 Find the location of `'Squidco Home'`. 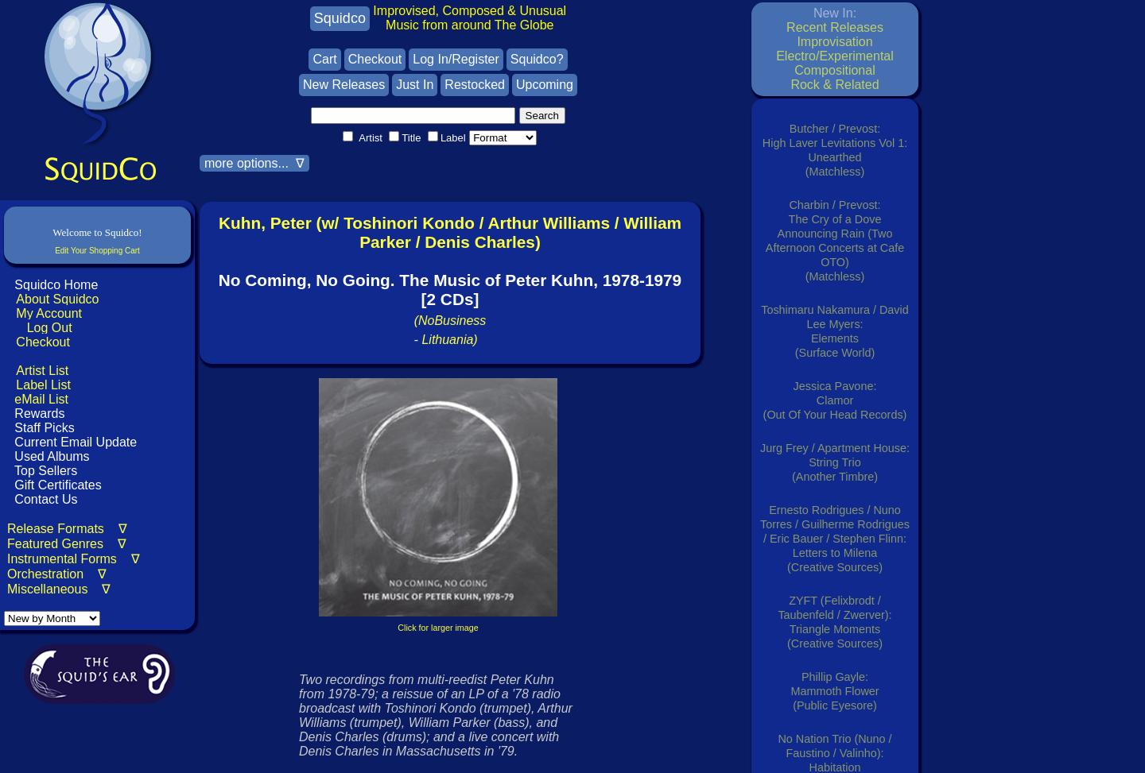

'Squidco Home' is located at coordinates (56, 284).